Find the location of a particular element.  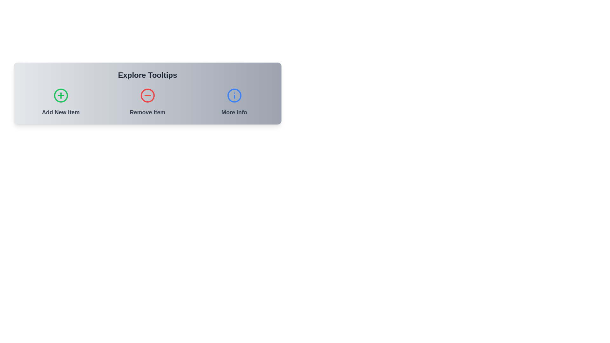

the green circular 'Add New Item' graphical component, which features a plus sign, positioned as the leftmost icon among three in the interface is located at coordinates (61, 95).